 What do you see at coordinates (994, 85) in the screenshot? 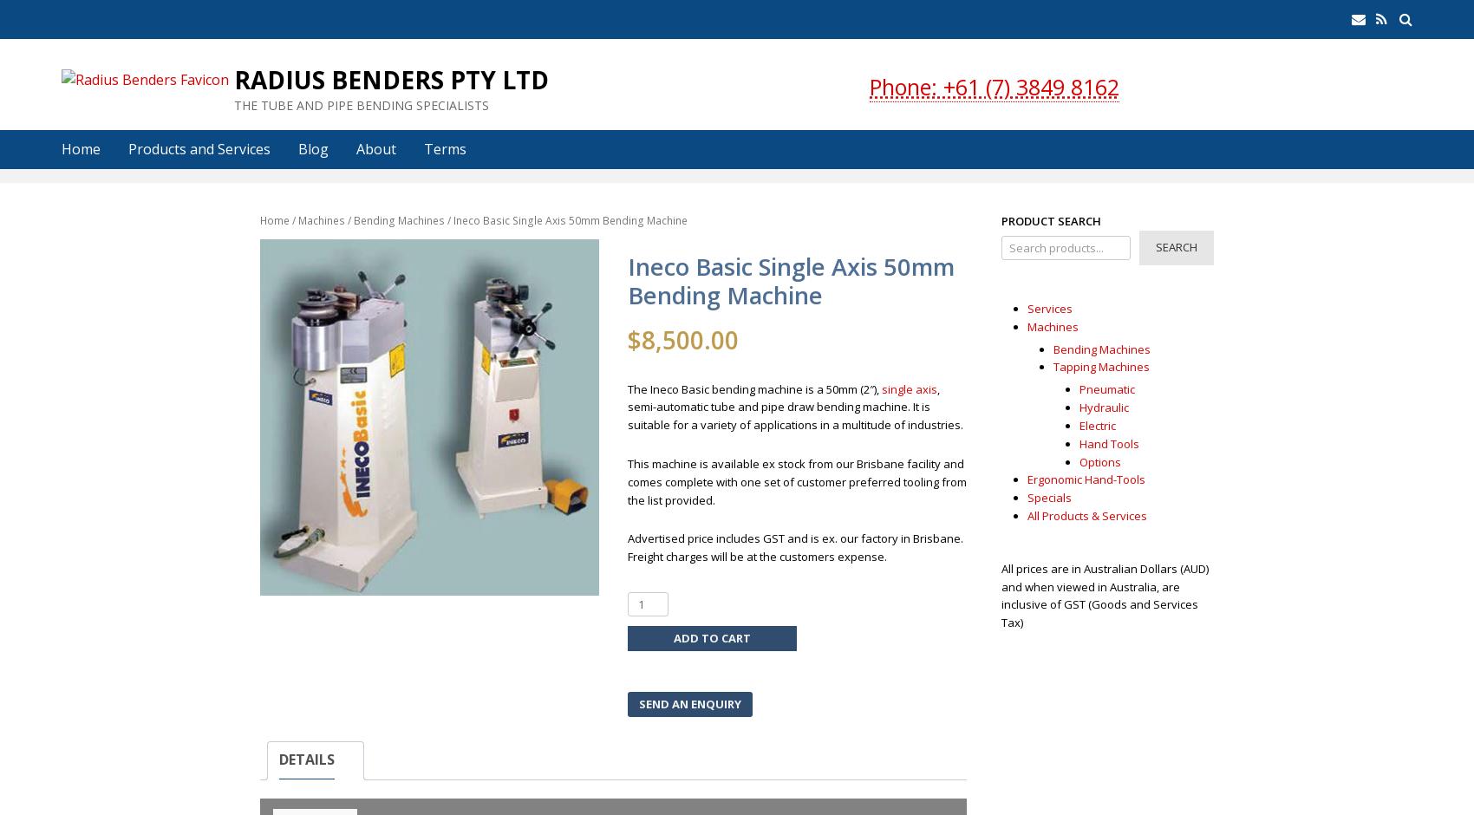
I see `'Phone: +61 (7) 3849 8162'` at bounding box center [994, 85].